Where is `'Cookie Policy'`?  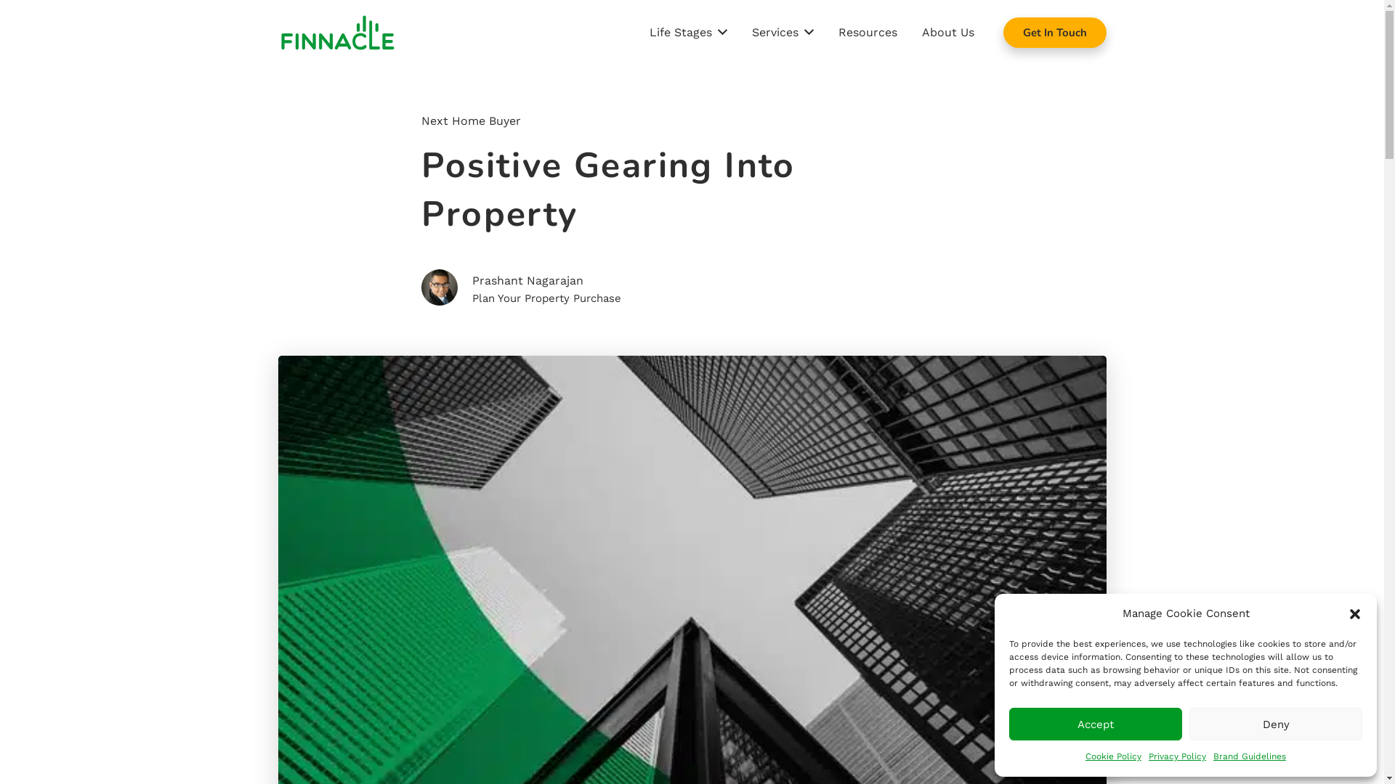
'Cookie Policy' is located at coordinates (1112, 756).